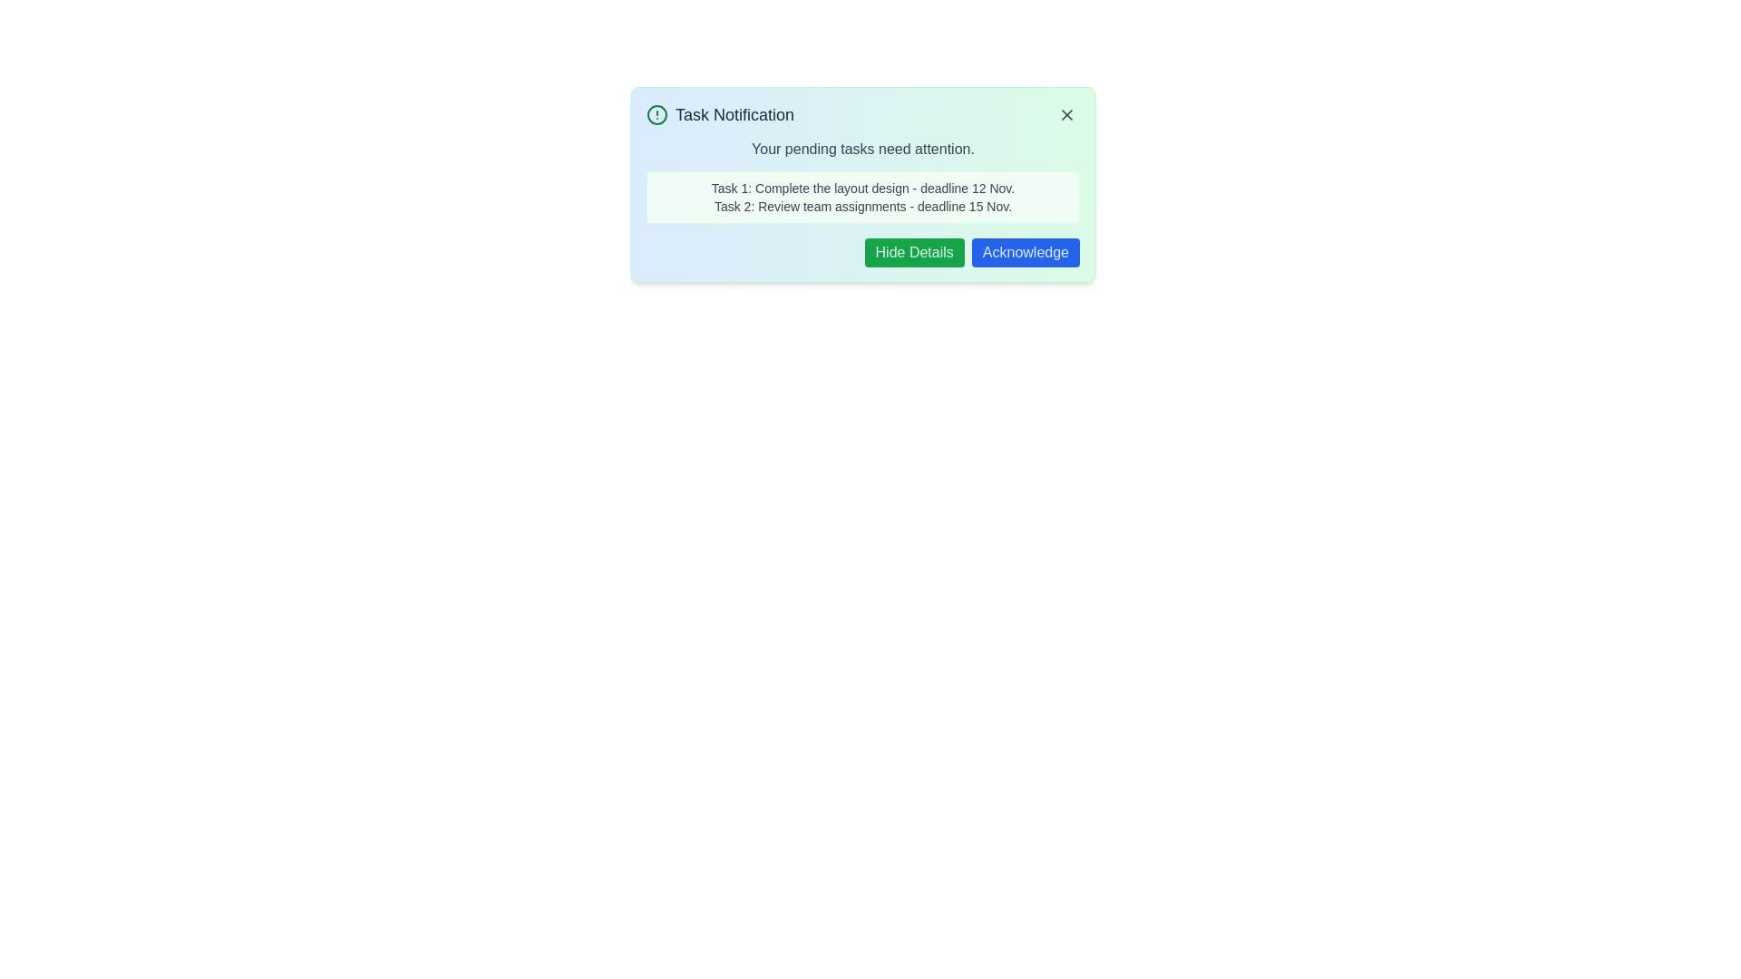  What do you see at coordinates (914, 252) in the screenshot?
I see `the 'Hide Details' button to toggle the visibility of task details` at bounding box center [914, 252].